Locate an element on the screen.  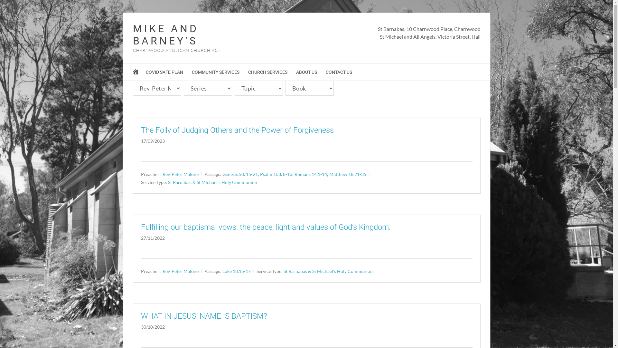
'Luke 18.15-17' is located at coordinates (236, 271).